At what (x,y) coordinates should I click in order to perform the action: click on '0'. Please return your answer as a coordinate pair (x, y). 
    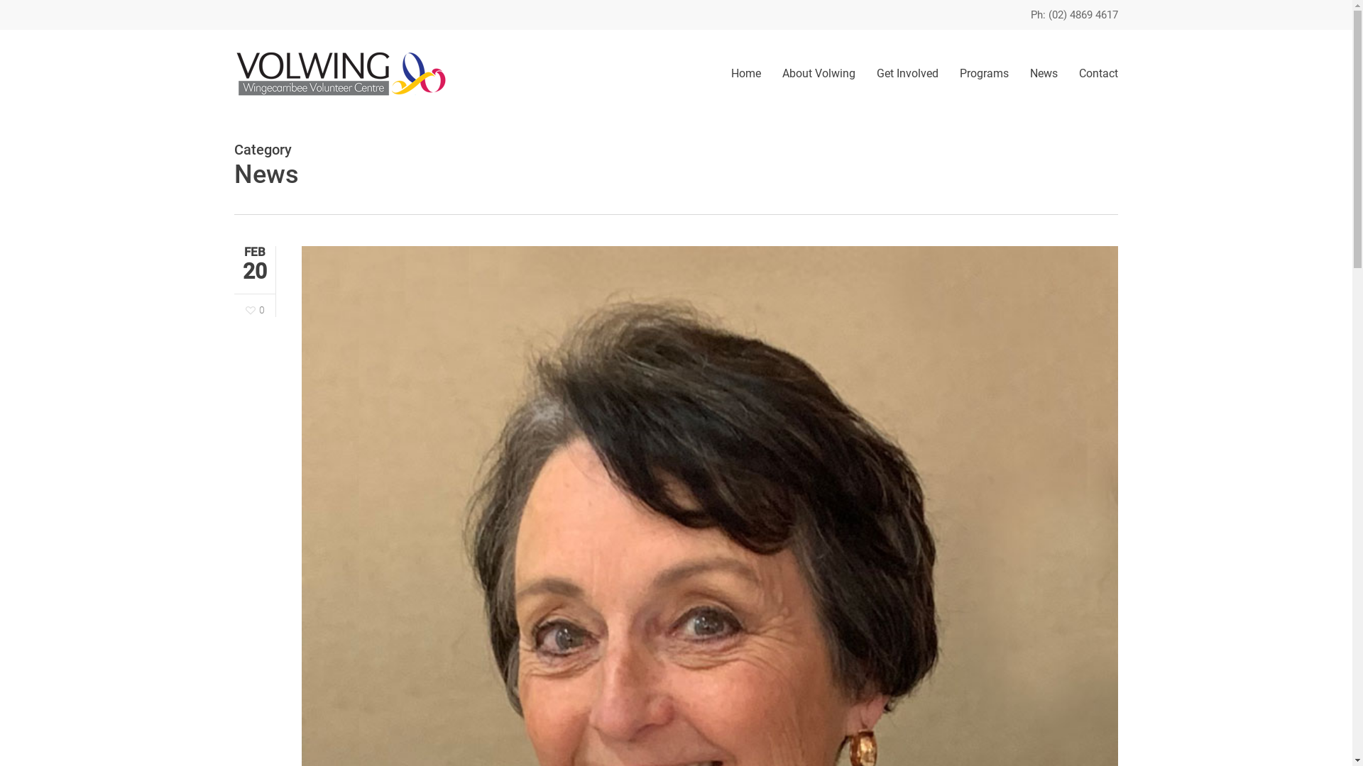
    Looking at the image, I should click on (255, 309).